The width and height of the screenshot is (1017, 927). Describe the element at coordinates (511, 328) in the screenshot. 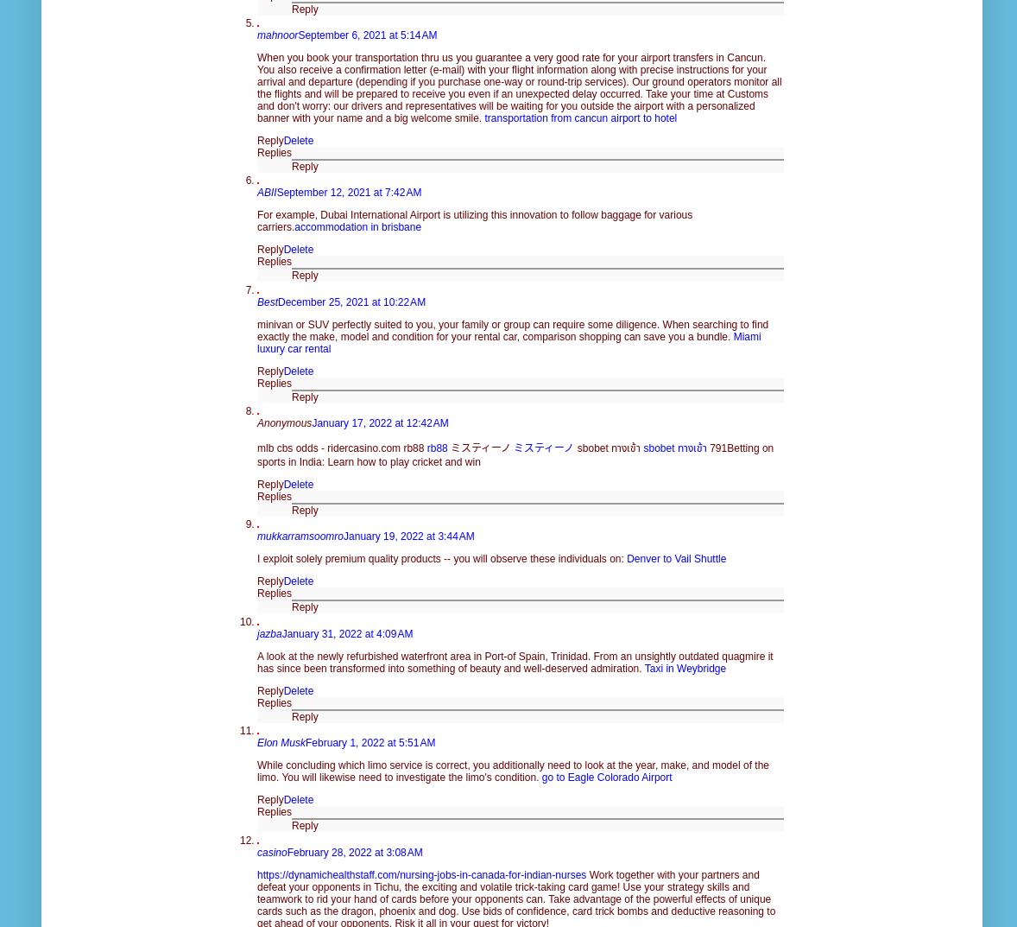

I see `'minivan or SUV perfectly suited to you, your family or group can require some diligence. When searching to find exactly the make, model and condition for your rental car, comparison shopping can save you a bundle.'` at that location.